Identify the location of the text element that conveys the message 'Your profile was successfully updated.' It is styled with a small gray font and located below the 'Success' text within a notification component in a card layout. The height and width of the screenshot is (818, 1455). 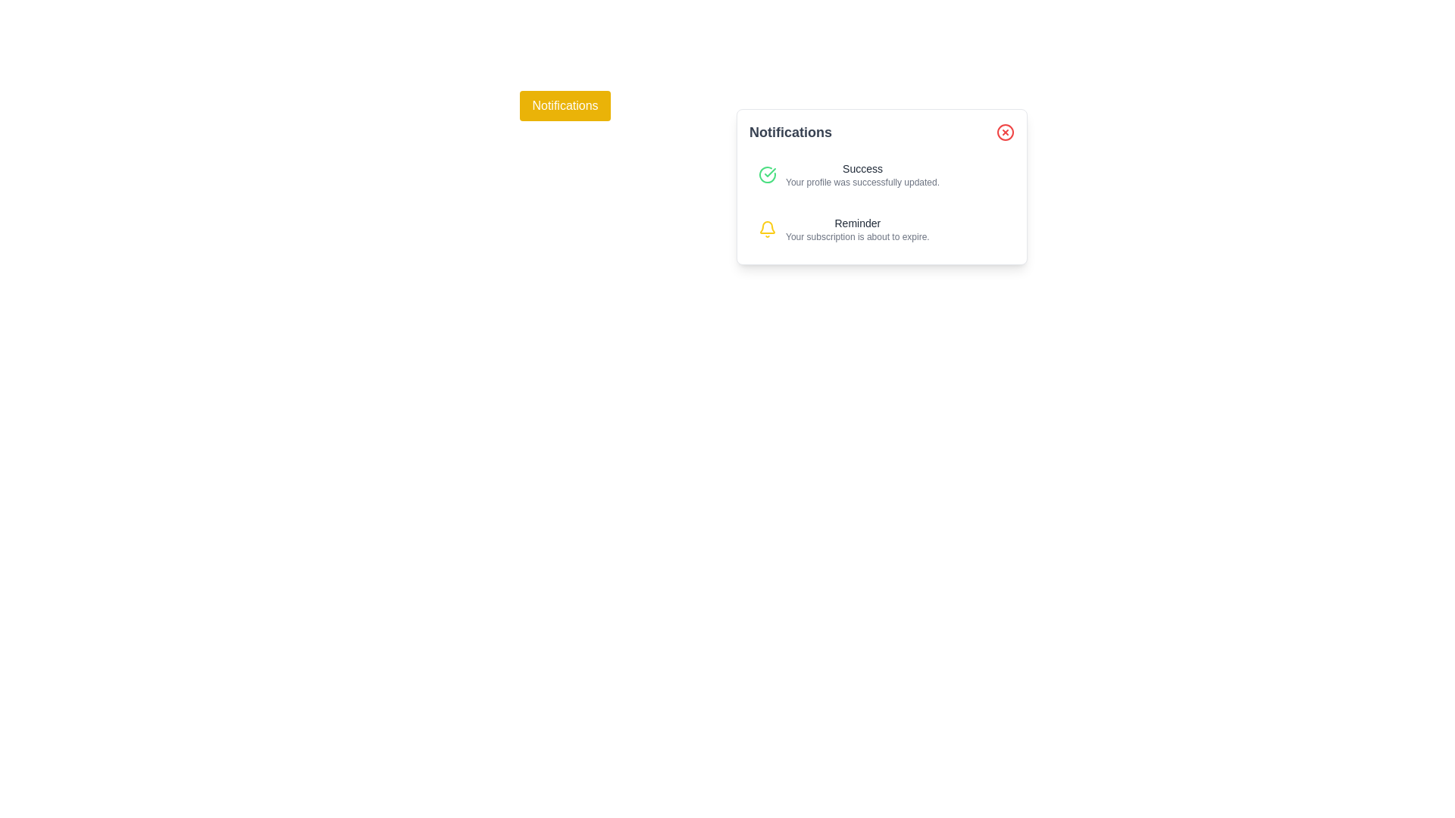
(862, 181).